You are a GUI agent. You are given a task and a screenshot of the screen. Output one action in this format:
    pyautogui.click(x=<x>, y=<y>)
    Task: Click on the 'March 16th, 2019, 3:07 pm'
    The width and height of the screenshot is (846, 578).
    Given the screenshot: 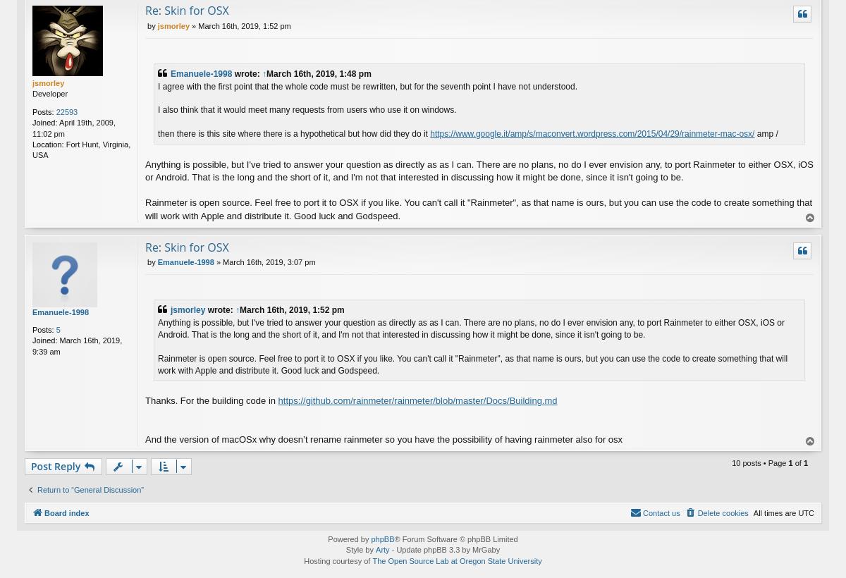 What is the action you would take?
    pyautogui.click(x=222, y=262)
    